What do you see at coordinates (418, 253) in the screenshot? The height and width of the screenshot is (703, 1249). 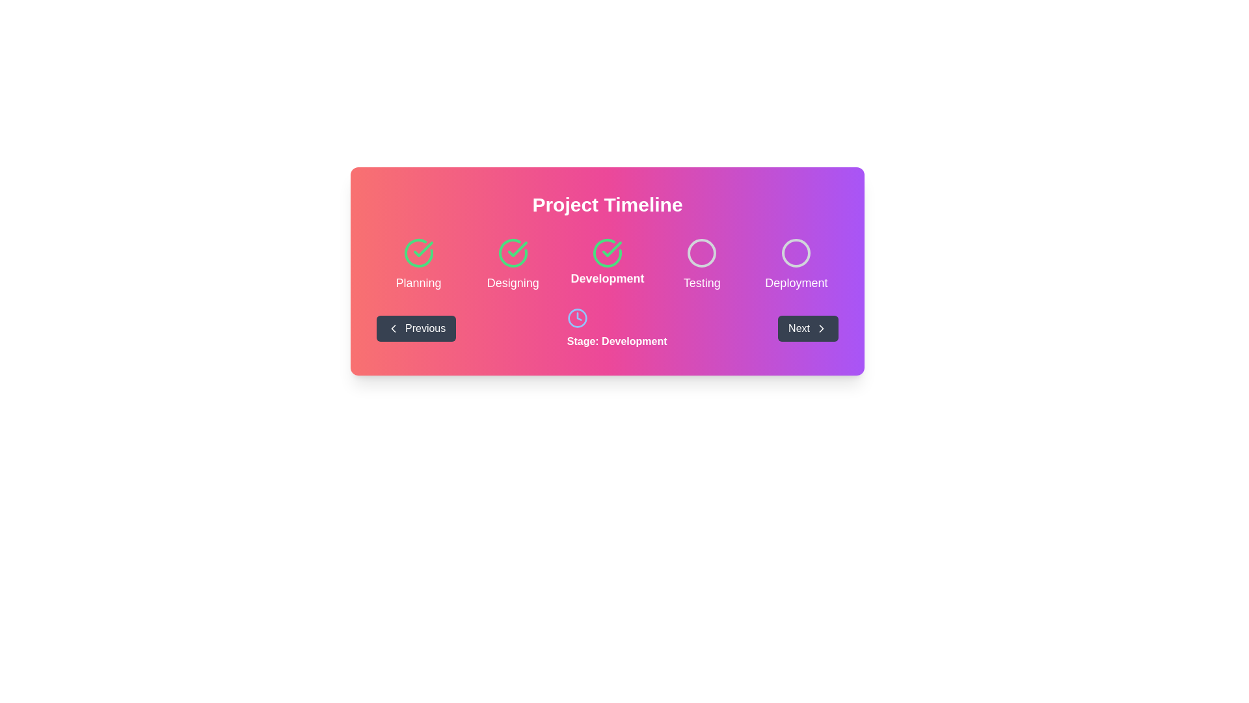 I see `the circular checkmark icon with a green outline, which is the first icon under the 'Project Timeline' heading` at bounding box center [418, 253].